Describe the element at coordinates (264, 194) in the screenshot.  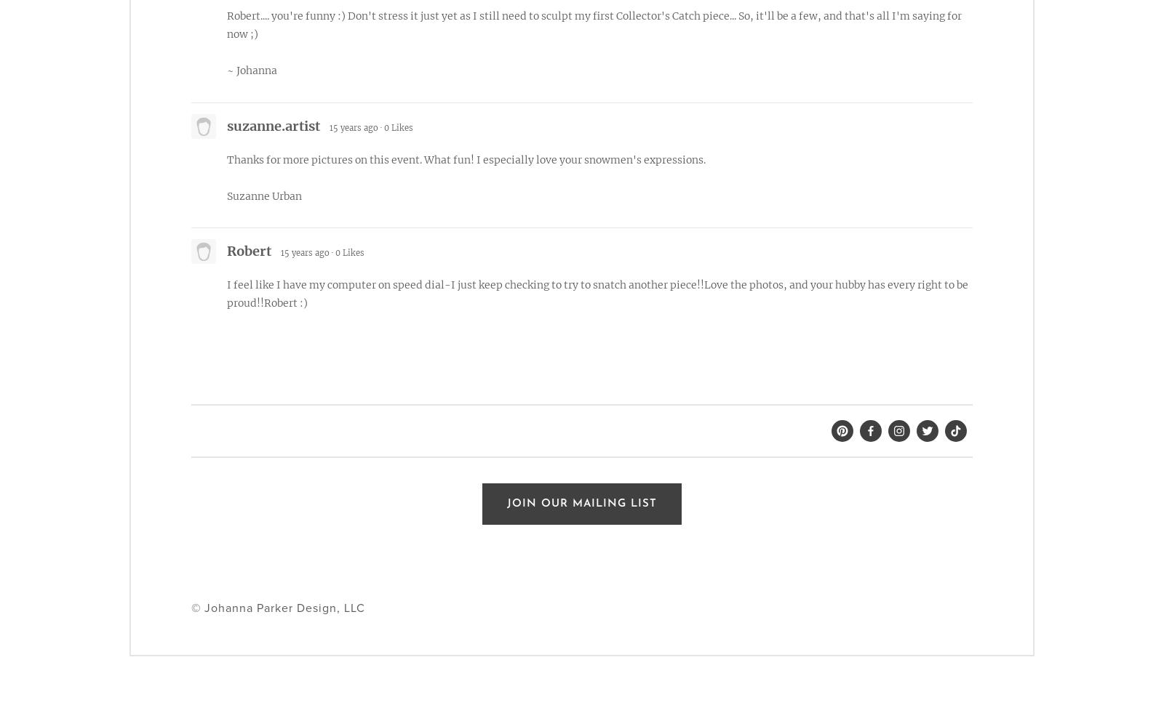
I see `'Suzanne Urban'` at that location.